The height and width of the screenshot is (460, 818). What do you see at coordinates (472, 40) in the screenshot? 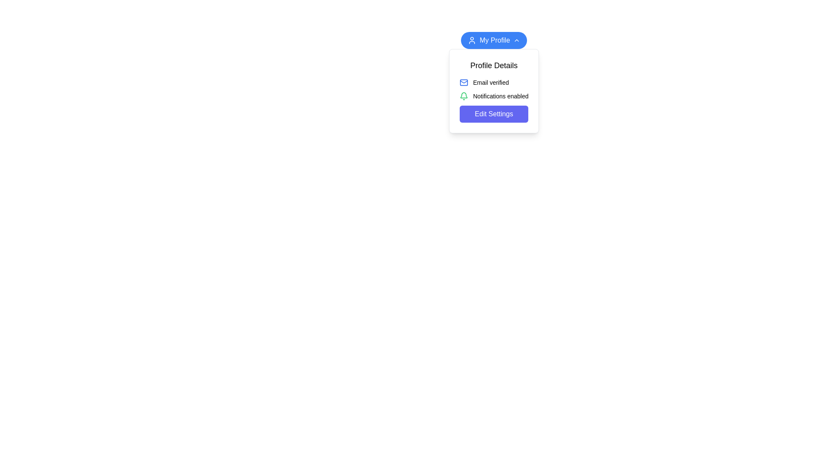
I see `the user profile icon located to the left of the 'My Profile' text within the rounded blue button at the top of the dropdown menu` at bounding box center [472, 40].